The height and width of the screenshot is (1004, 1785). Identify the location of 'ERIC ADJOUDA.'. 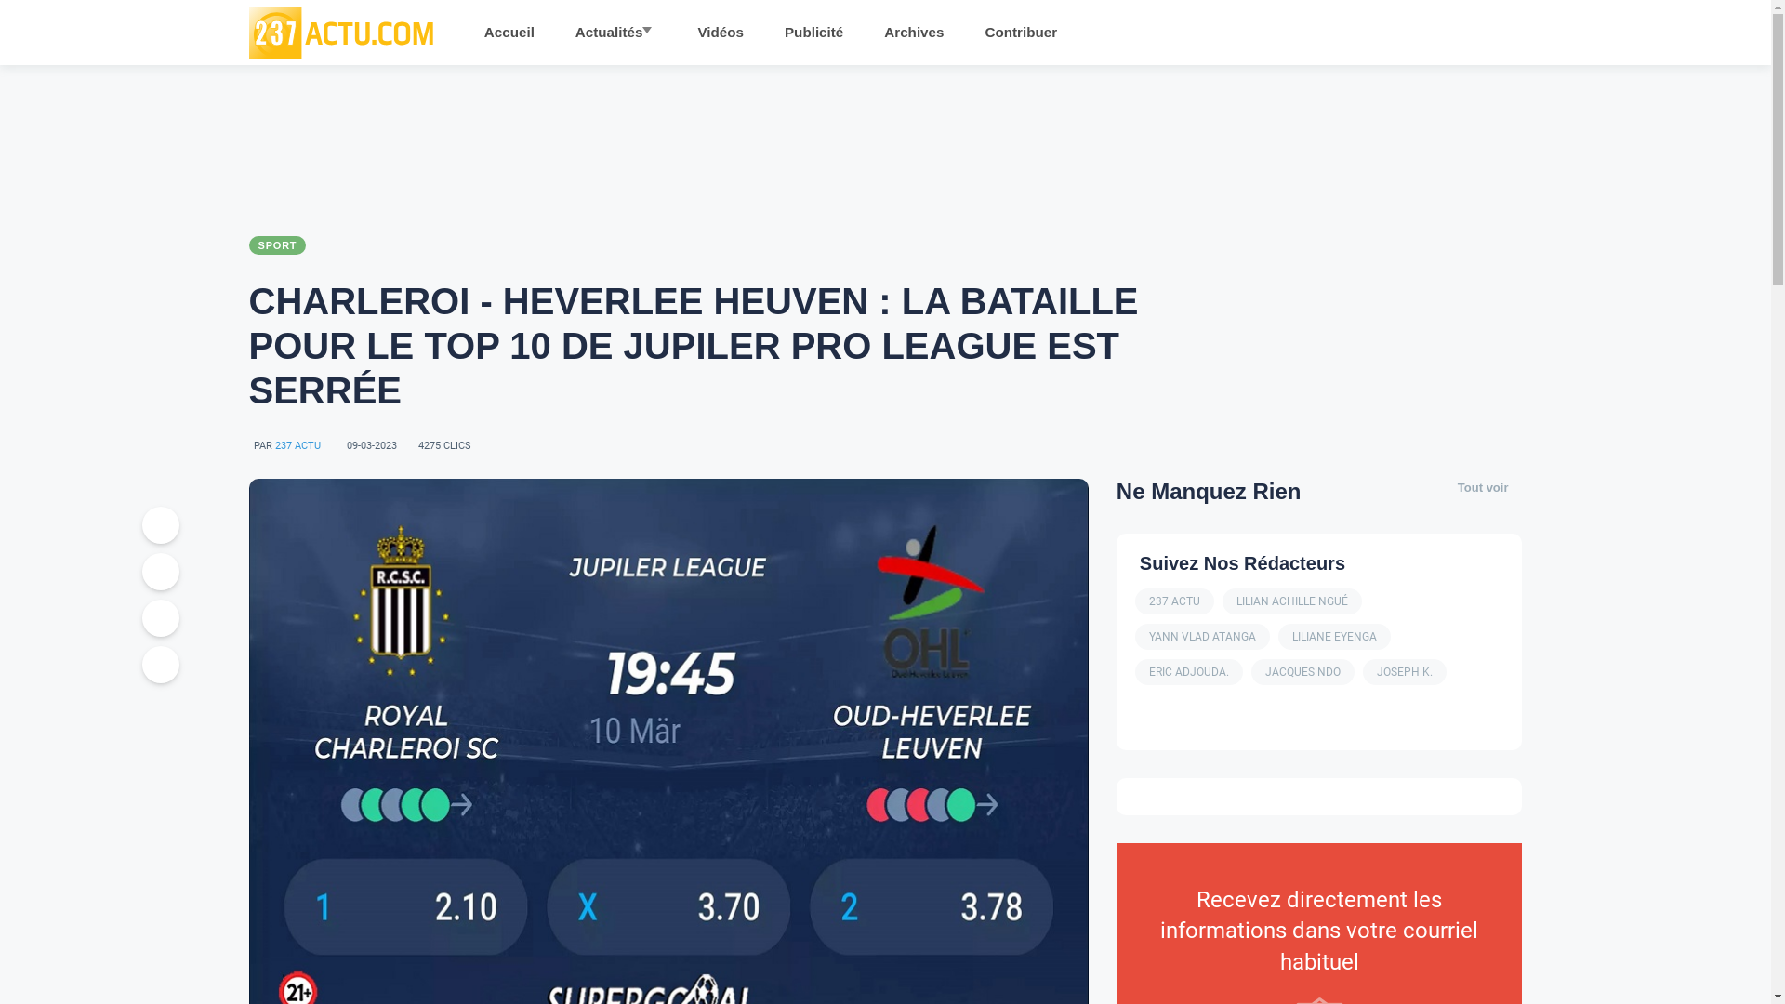
(1133, 671).